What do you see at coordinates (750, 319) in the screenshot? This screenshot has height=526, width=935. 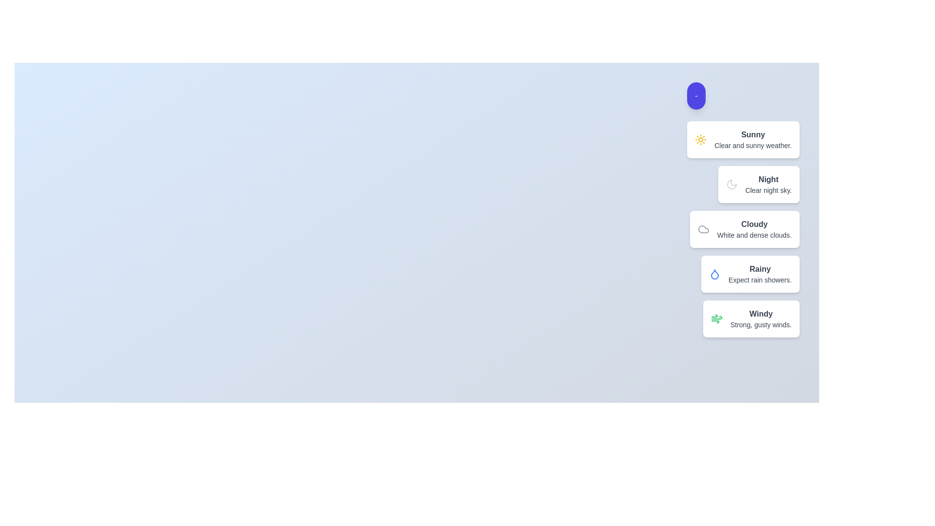 I see `the weather condition item corresponding to Windy` at bounding box center [750, 319].